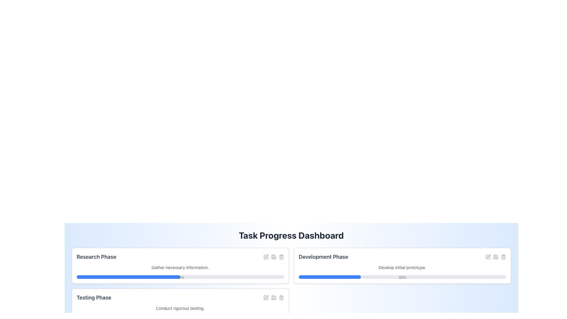  What do you see at coordinates (402, 268) in the screenshot?
I see `the Text label displaying details about the associated phase's task or goal within the 'Development Phase' card, located centered below the card's title and above the progress bar` at bounding box center [402, 268].